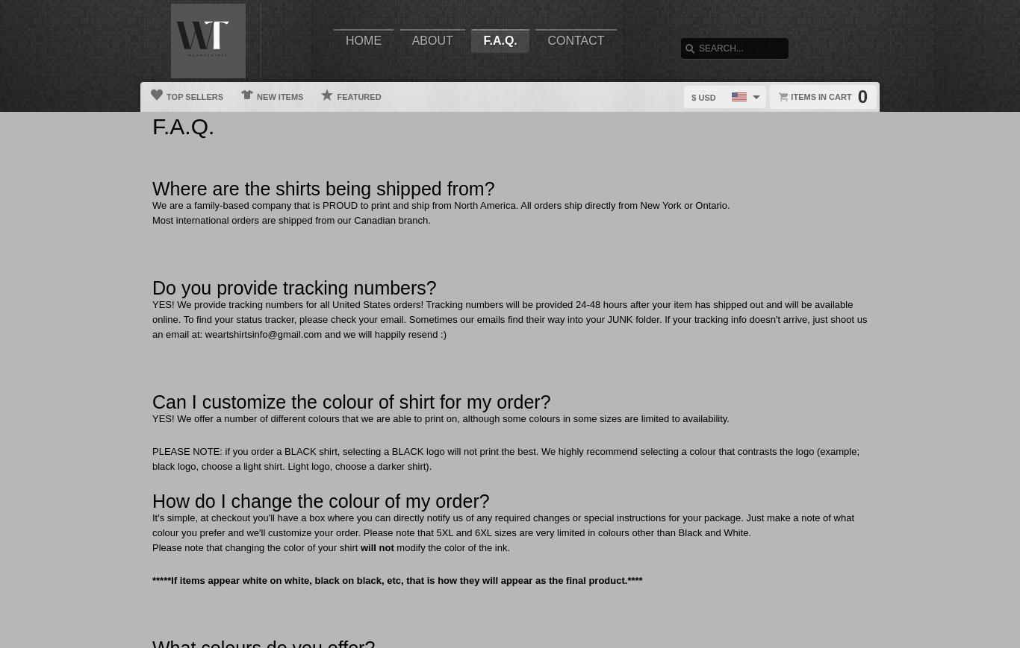 This screenshot has height=648, width=1020. I want to click on 'modify the color of the ink.', so click(394, 547).